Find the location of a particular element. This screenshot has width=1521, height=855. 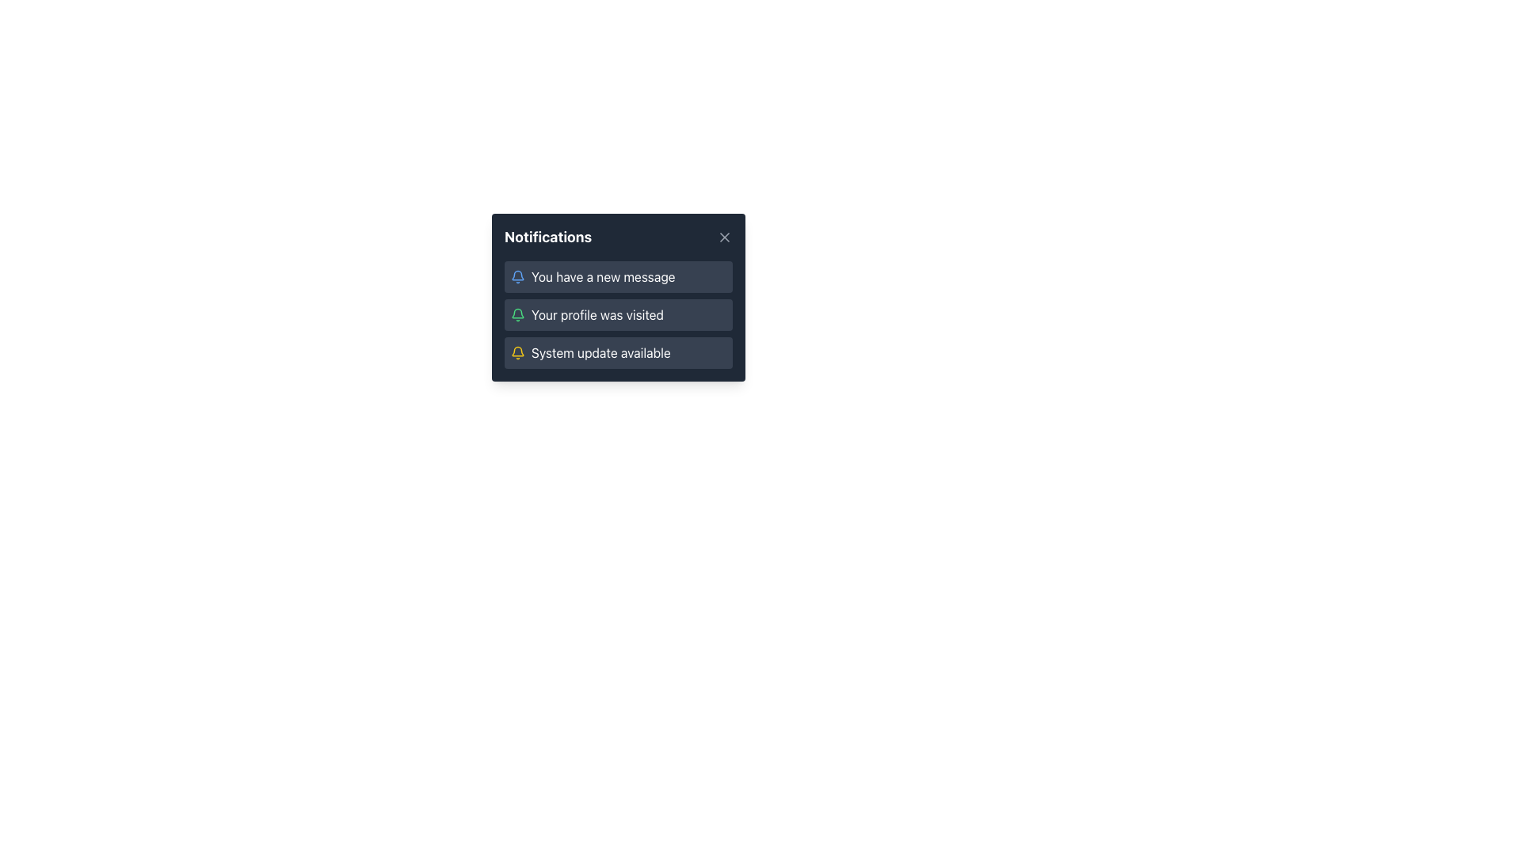

the text element that indicates a new message in the first notification item, located to the right of the bell icon and below the 'Notifications' header is located at coordinates (602, 276).